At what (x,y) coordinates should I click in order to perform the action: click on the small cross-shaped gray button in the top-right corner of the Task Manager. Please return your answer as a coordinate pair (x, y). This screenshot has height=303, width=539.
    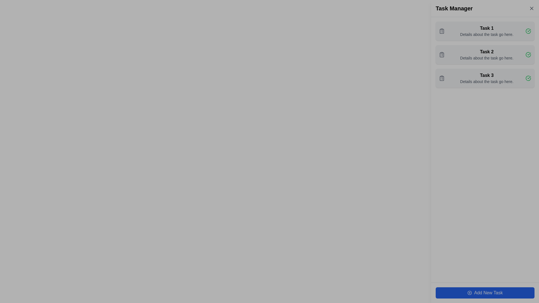
    Looking at the image, I should click on (531, 8).